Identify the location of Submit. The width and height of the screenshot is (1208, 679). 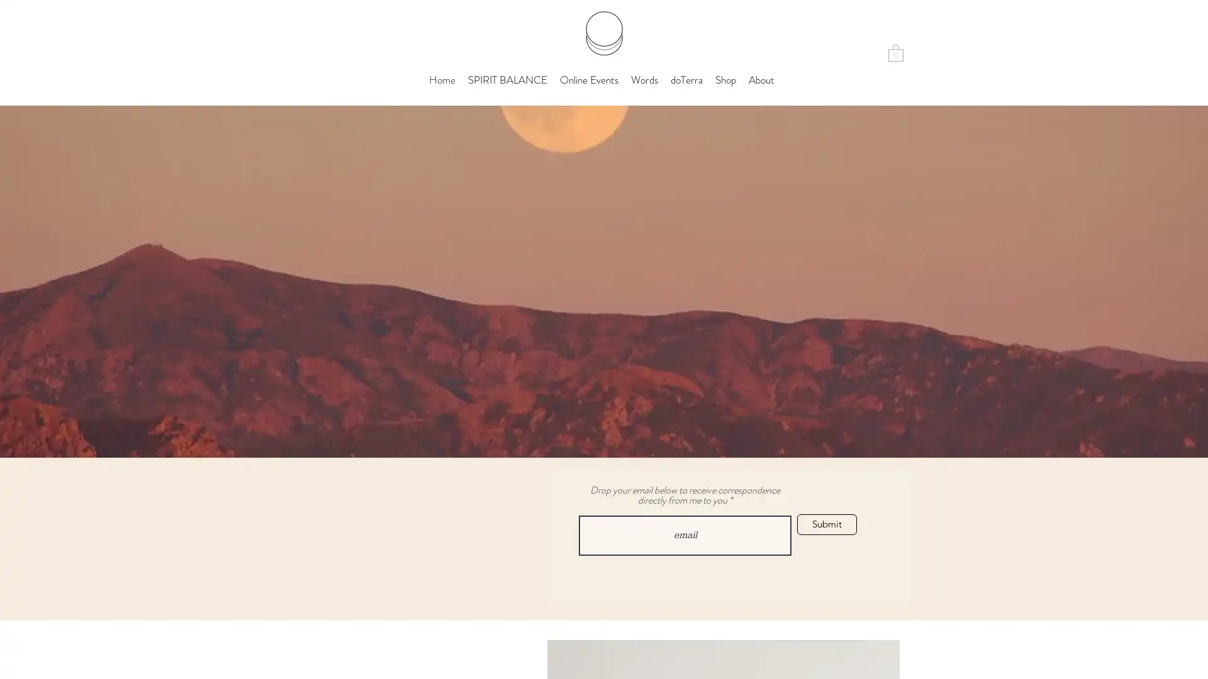
(827, 524).